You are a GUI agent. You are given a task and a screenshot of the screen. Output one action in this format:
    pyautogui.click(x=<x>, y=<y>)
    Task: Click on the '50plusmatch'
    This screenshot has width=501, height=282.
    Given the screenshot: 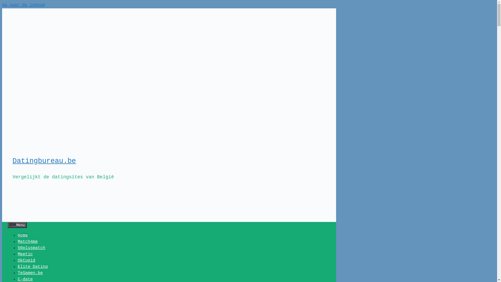 What is the action you would take?
    pyautogui.click(x=31, y=248)
    